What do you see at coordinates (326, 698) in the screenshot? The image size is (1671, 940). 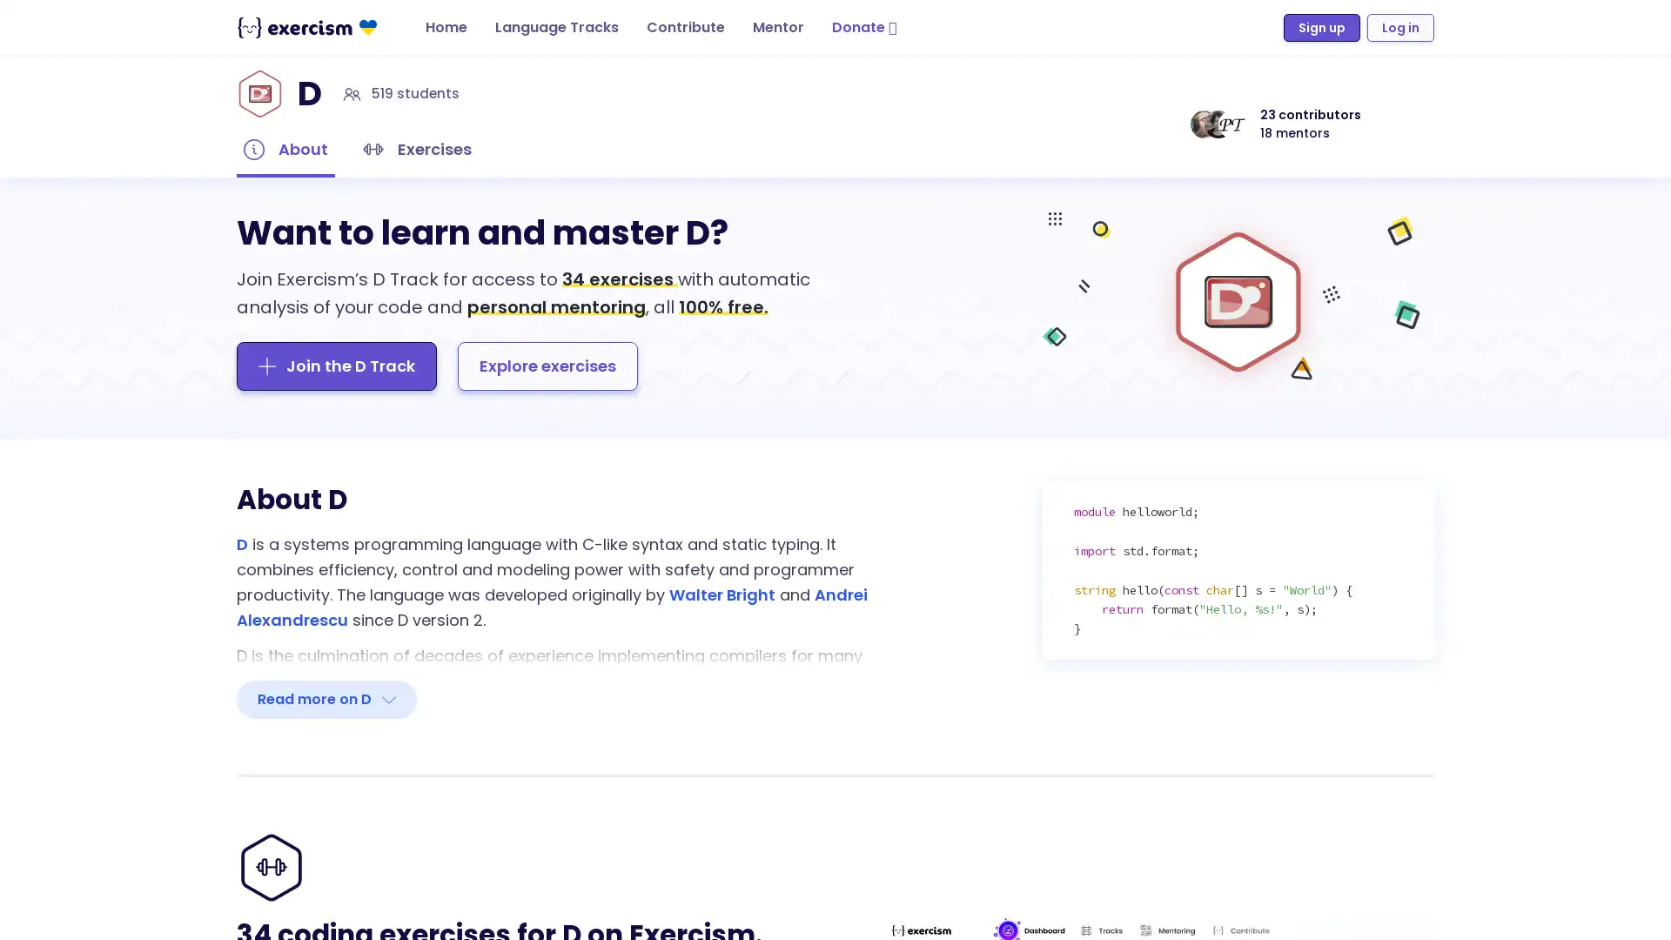 I see `Read more on D` at bounding box center [326, 698].